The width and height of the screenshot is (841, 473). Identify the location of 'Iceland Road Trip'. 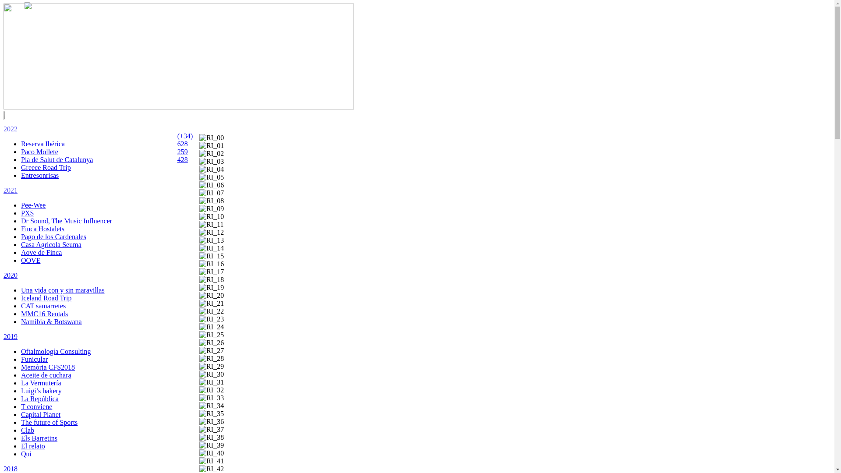
(46, 297).